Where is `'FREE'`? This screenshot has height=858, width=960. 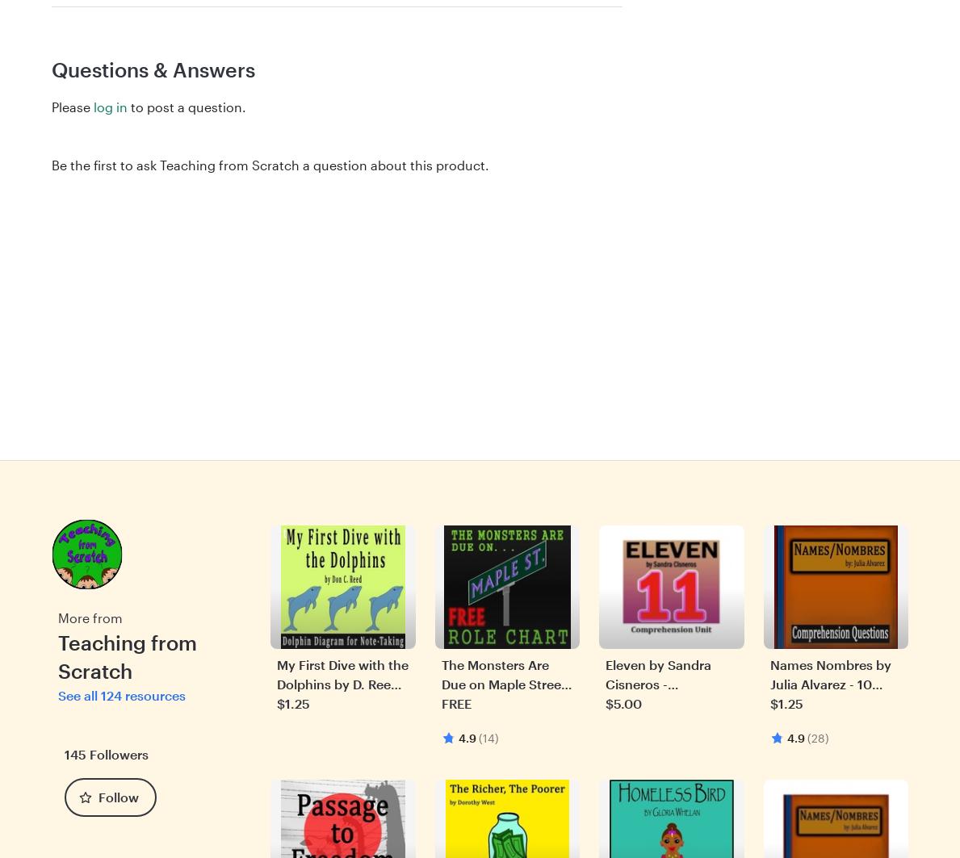 'FREE' is located at coordinates (455, 701).